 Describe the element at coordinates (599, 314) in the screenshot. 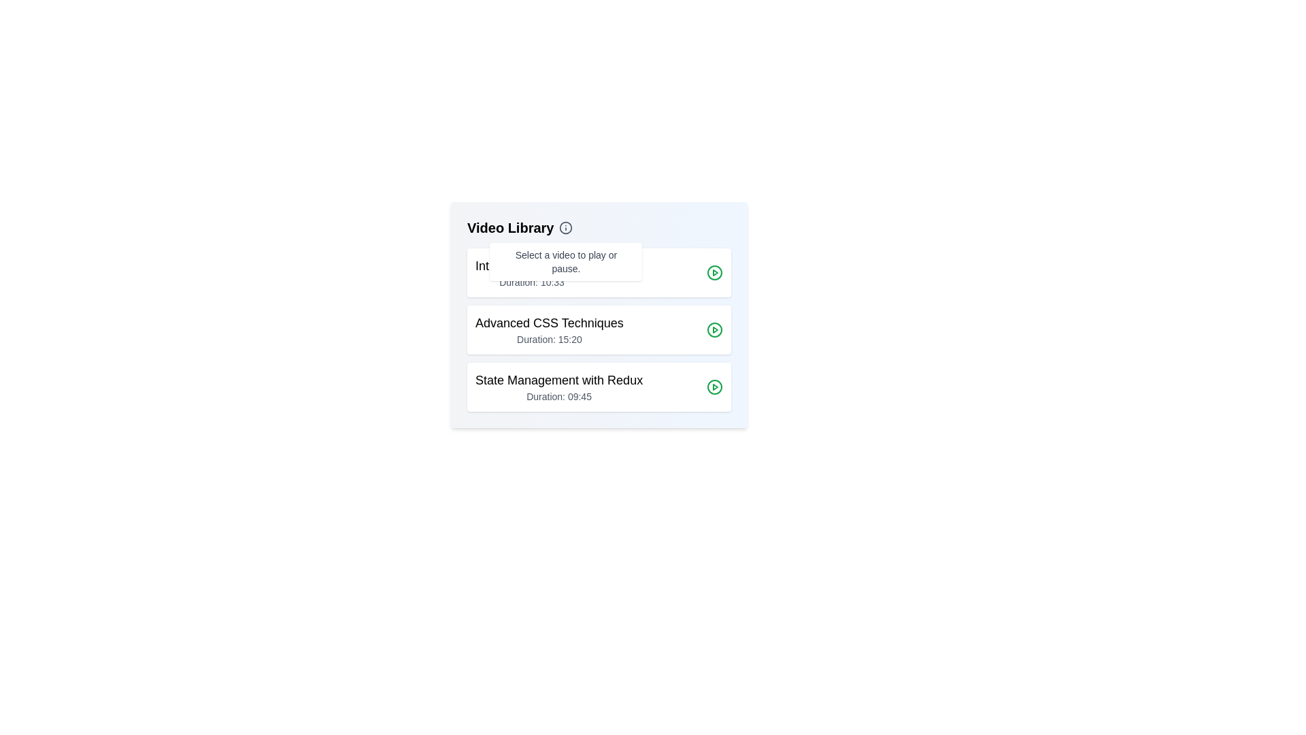

I see `title 'Advanced CSS Techniques' and duration 'Duration: 15:20' from the second entry in the video library list` at that location.